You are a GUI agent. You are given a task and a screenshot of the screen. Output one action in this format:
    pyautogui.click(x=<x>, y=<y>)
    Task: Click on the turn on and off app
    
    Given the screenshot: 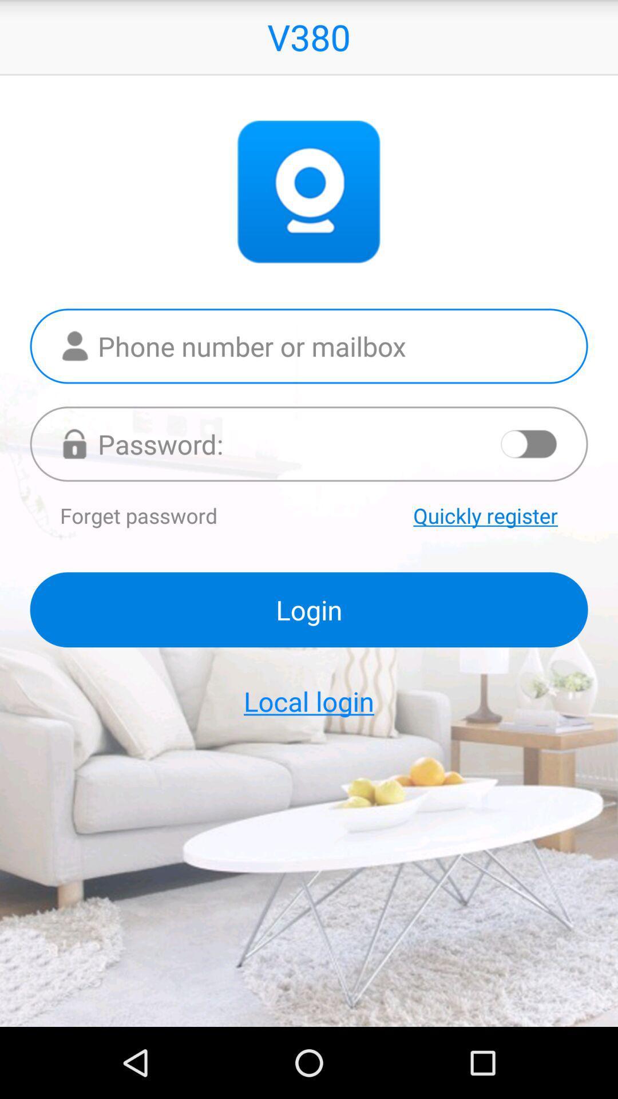 What is the action you would take?
    pyautogui.click(x=529, y=443)
    